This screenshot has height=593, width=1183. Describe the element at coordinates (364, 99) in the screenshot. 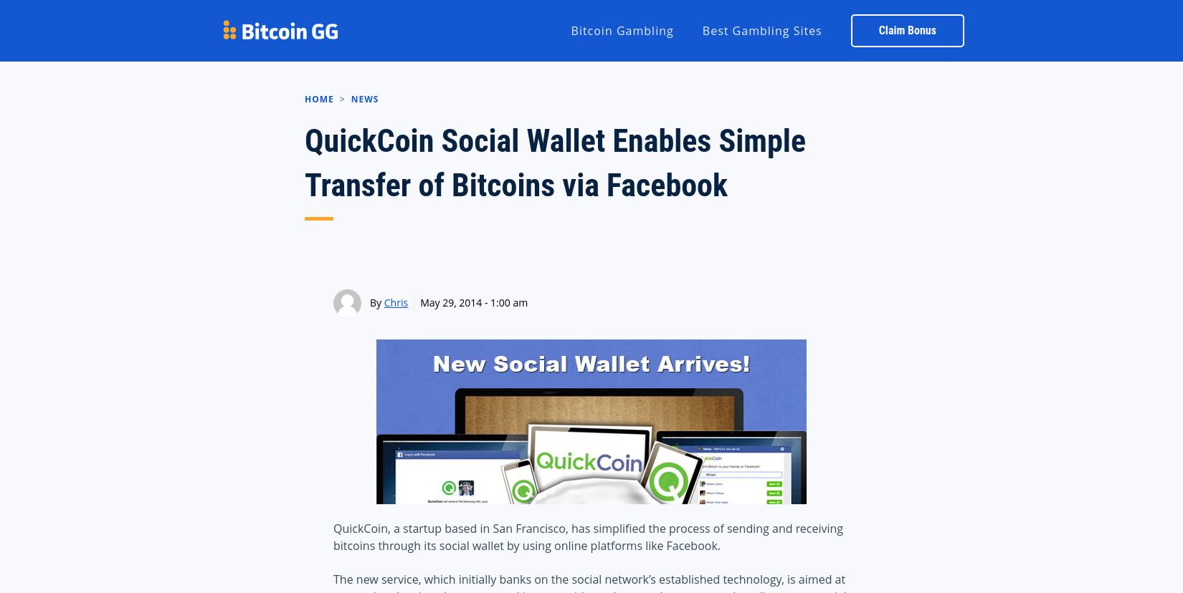

I see `'News'` at that location.